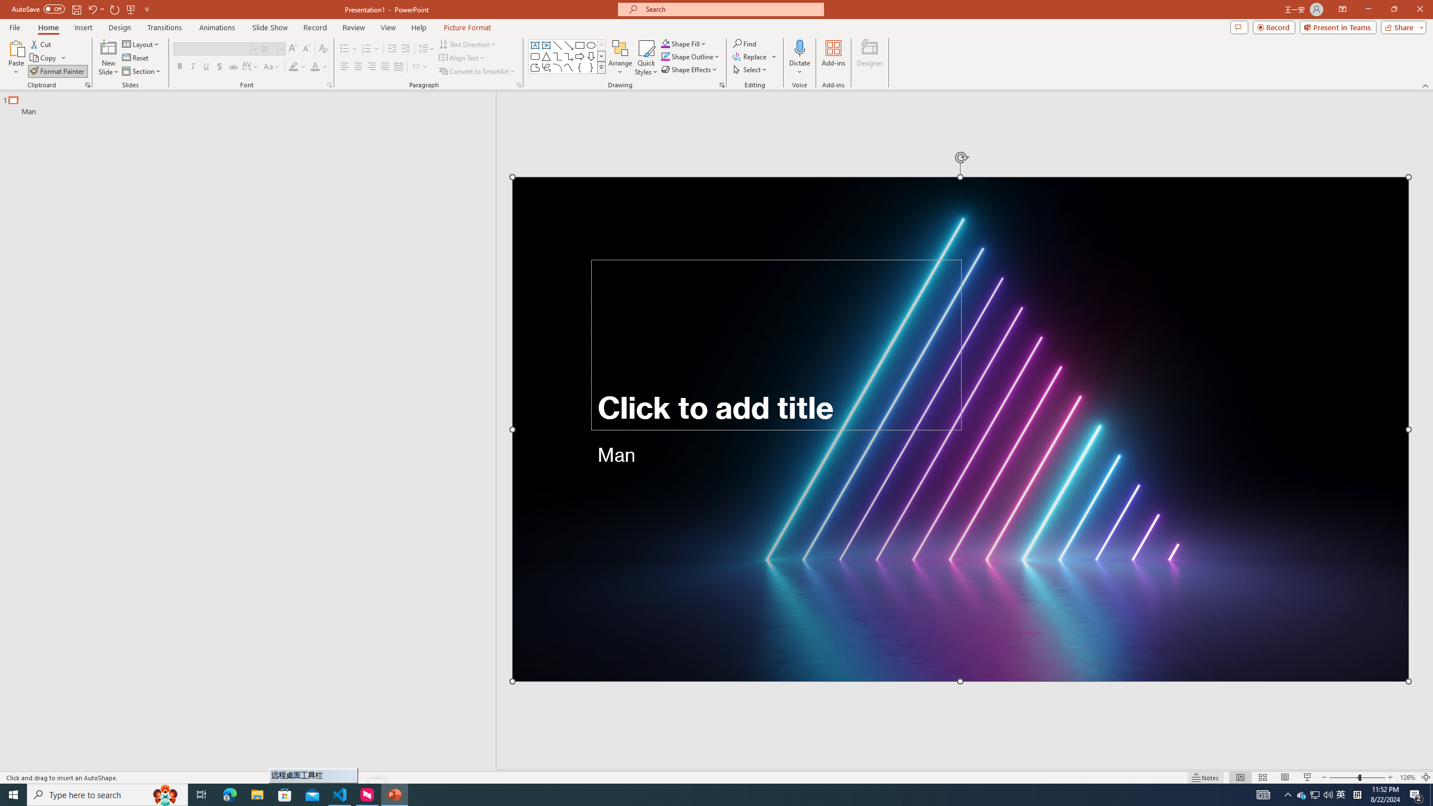  What do you see at coordinates (666, 43) in the screenshot?
I see `'Shape Fill Orange, Accent 2'` at bounding box center [666, 43].